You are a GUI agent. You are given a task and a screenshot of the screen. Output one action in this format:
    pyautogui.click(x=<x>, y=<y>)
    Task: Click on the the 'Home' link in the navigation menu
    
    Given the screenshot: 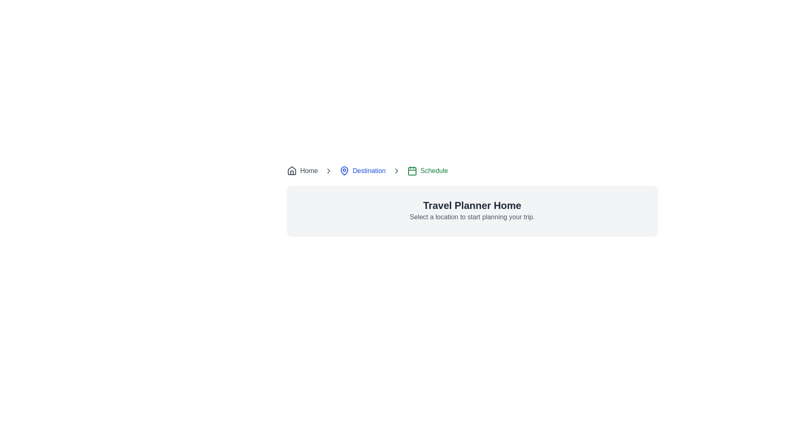 What is the action you would take?
    pyautogui.click(x=302, y=170)
    